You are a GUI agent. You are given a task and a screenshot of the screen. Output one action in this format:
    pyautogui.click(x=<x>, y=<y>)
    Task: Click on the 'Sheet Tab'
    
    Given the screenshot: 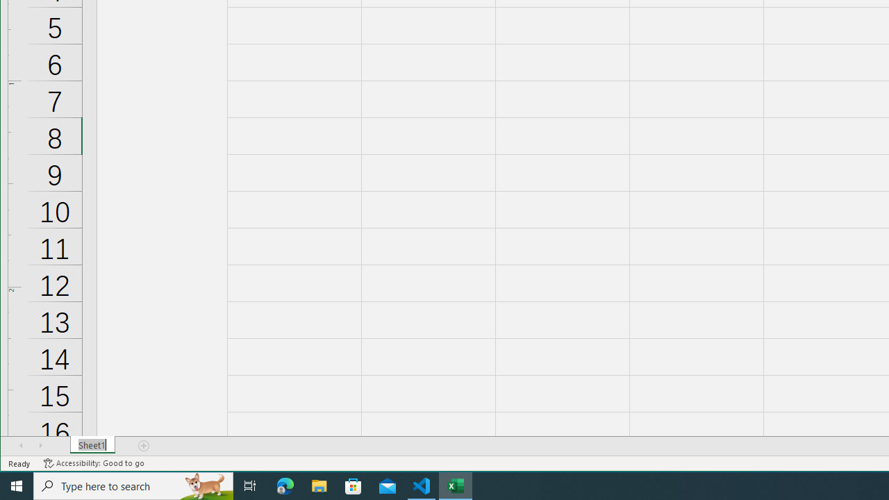 What is the action you would take?
    pyautogui.click(x=92, y=445)
    